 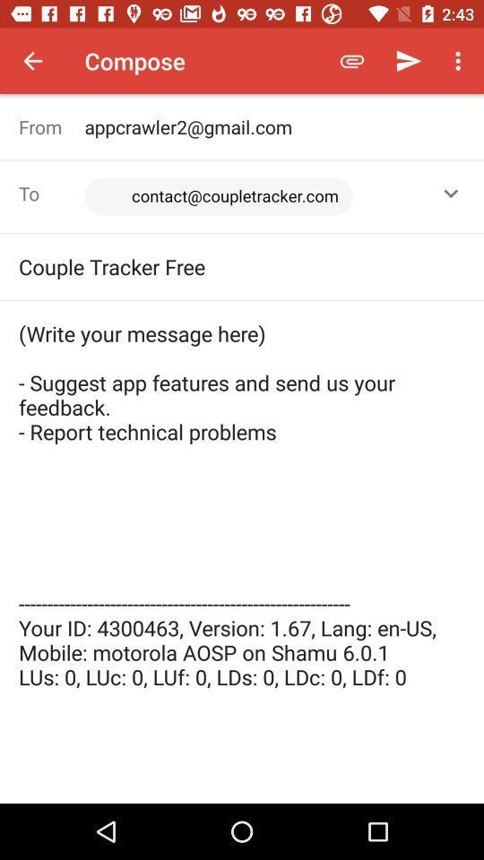 What do you see at coordinates (352, 61) in the screenshot?
I see `item next to the compose` at bounding box center [352, 61].